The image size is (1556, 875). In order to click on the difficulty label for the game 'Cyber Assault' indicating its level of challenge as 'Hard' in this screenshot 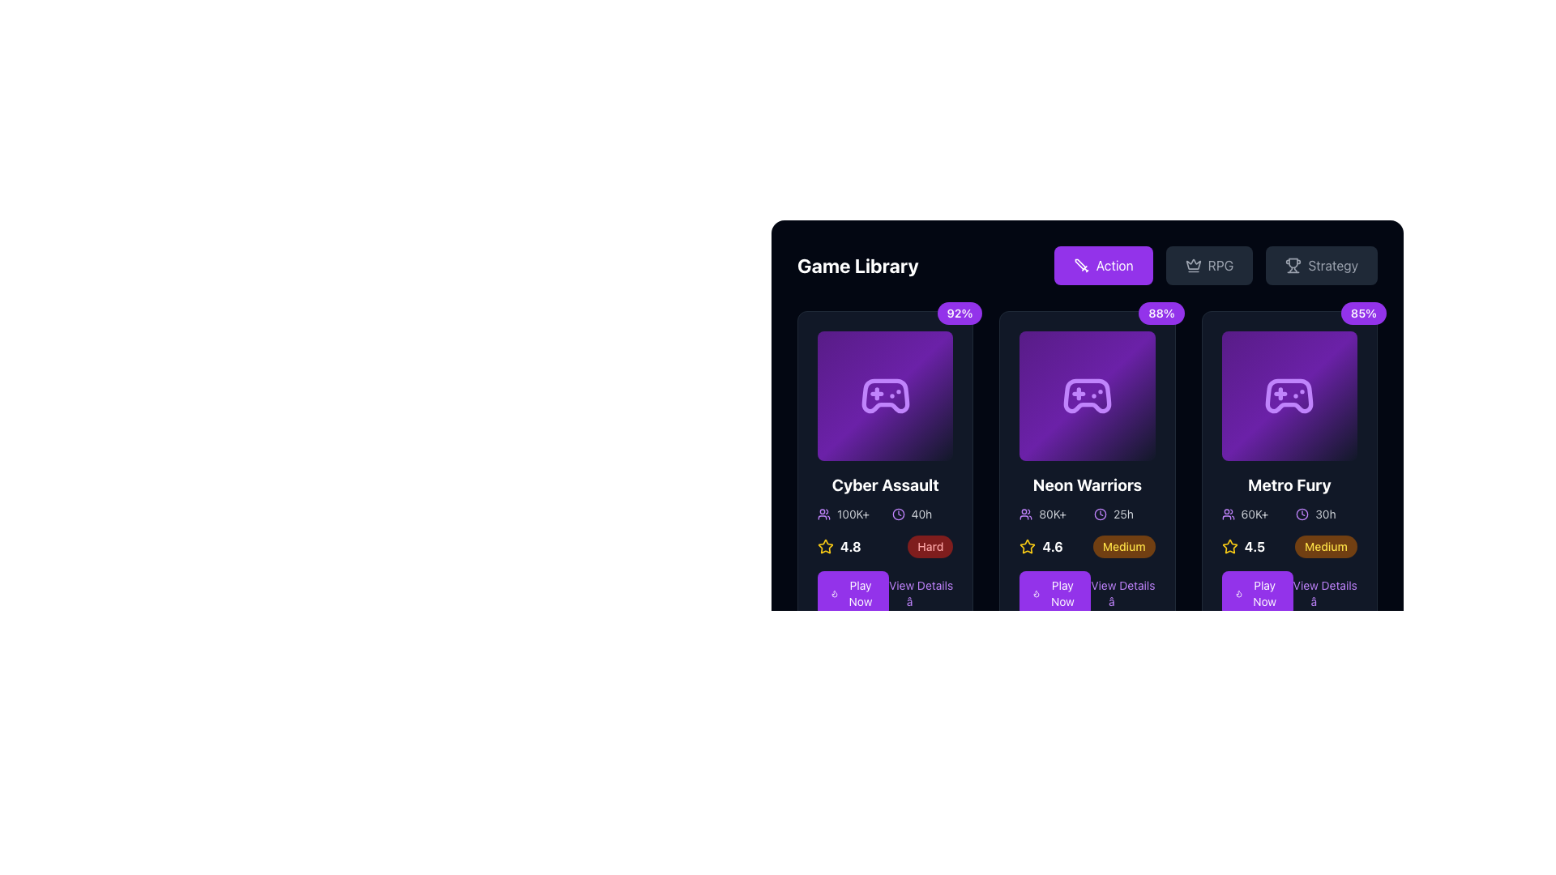, I will do `click(930, 547)`.